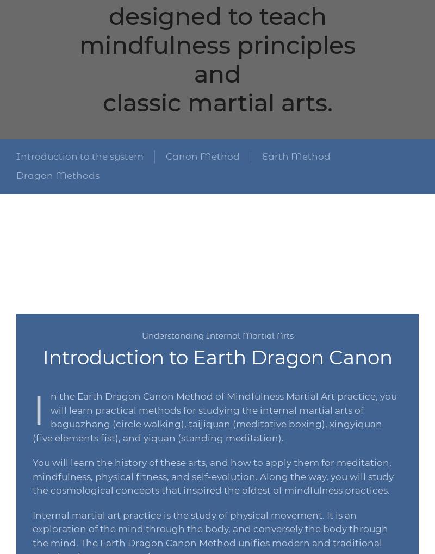 This screenshot has width=435, height=554. Describe the element at coordinates (57, 175) in the screenshot. I see `'Dragon Methods'` at that location.